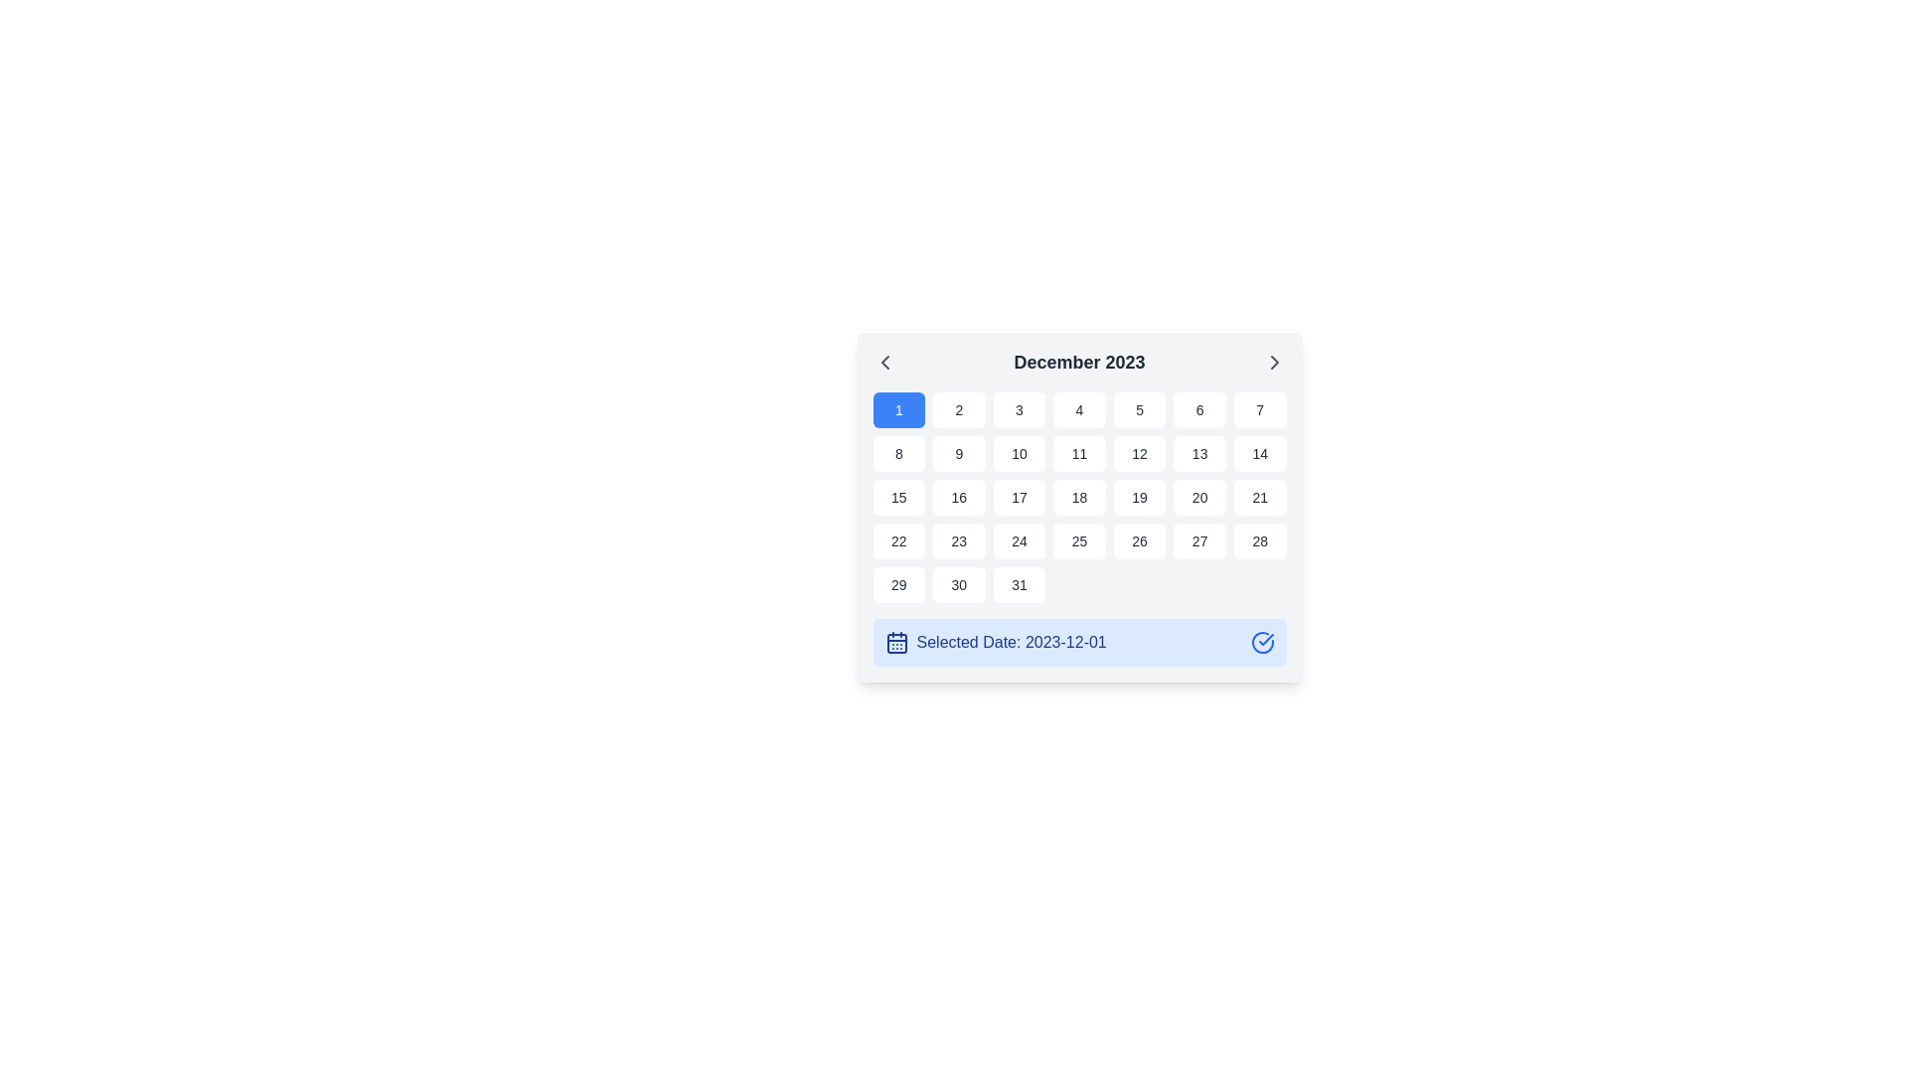  What do you see at coordinates (1019, 540) in the screenshot?
I see `the rounded rectangular button displaying the number '24' in the calendar date selection interface for December 2023` at bounding box center [1019, 540].